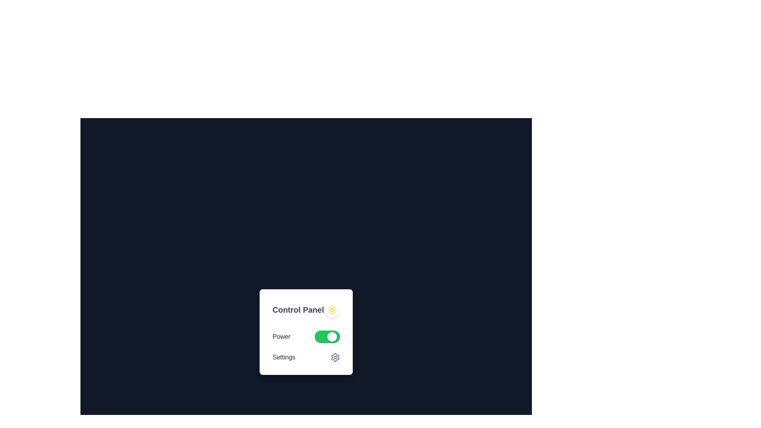 The width and height of the screenshot is (761, 428). I want to click on the white handle of the Toggle switch, so click(327, 336).